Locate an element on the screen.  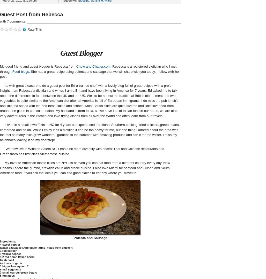
'I lived in a small town Elkin in NC for 4 years so experienced traditional Southern cooking, fried chicken, green beans, cornbread and so on. While I enjoy it as a dietitian it can be too heavy for me, but one thing I adored about the area was the fact so many folks grew wonderful gardens in the summer with amazing produce and can it for the winter. I miss my neighbor’s leaving it on my doorstep!' is located at coordinates (89, 132).